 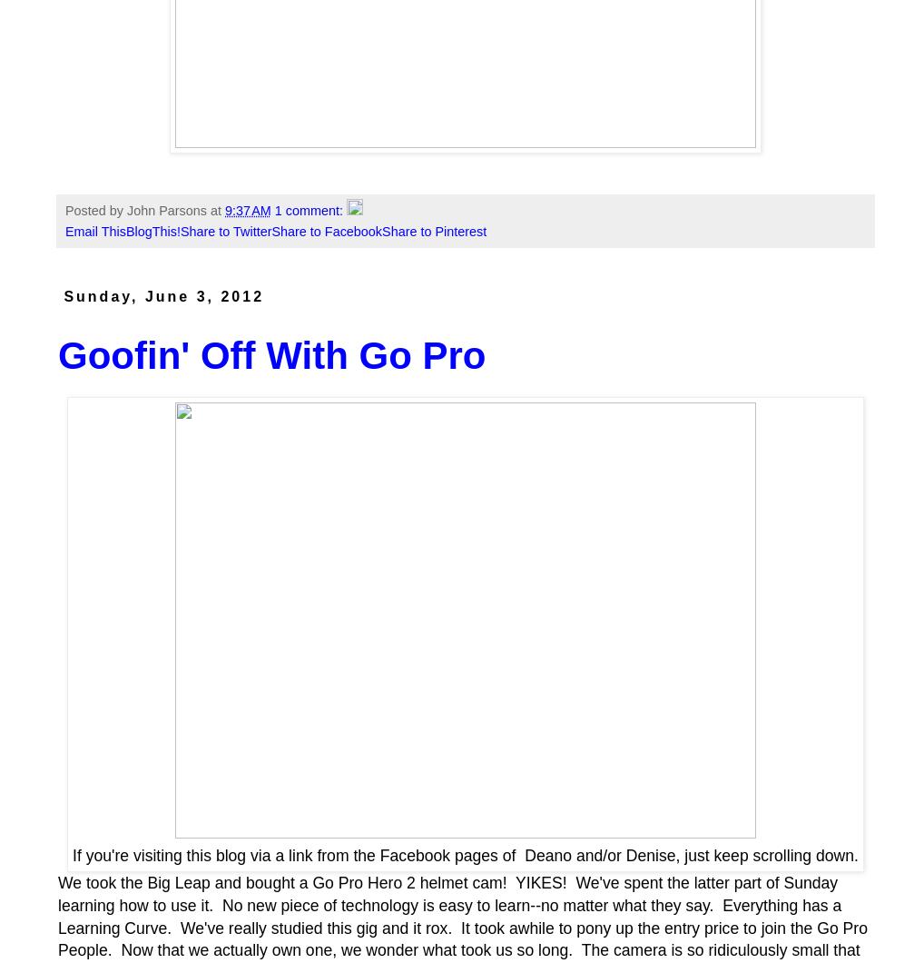 What do you see at coordinates (224, 231) in the screenshot?
I see `'Share to Twitter'` at bounding box center [224, 231].